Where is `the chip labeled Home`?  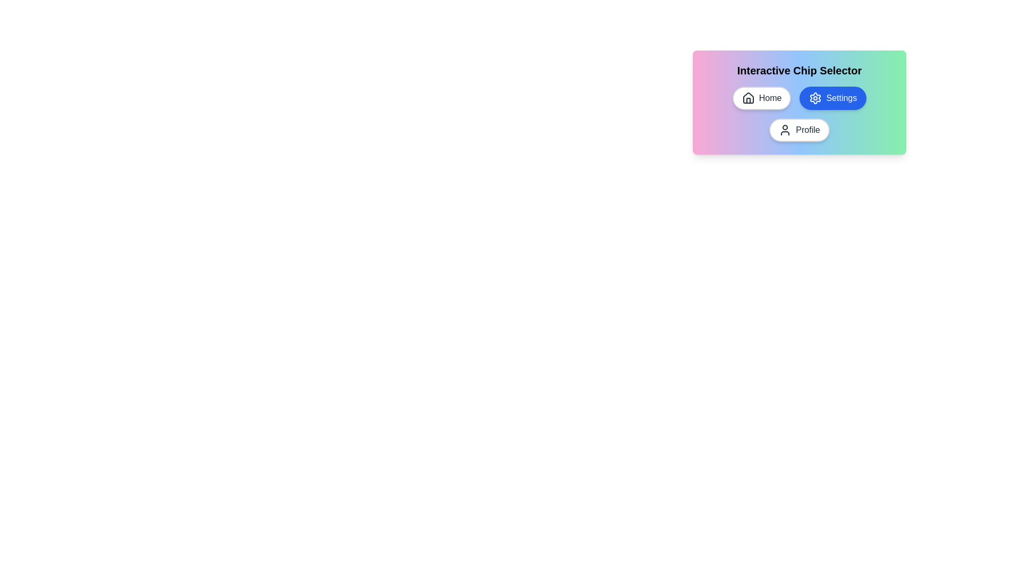
the chip labeled Home is located at coordinates (761, 98).